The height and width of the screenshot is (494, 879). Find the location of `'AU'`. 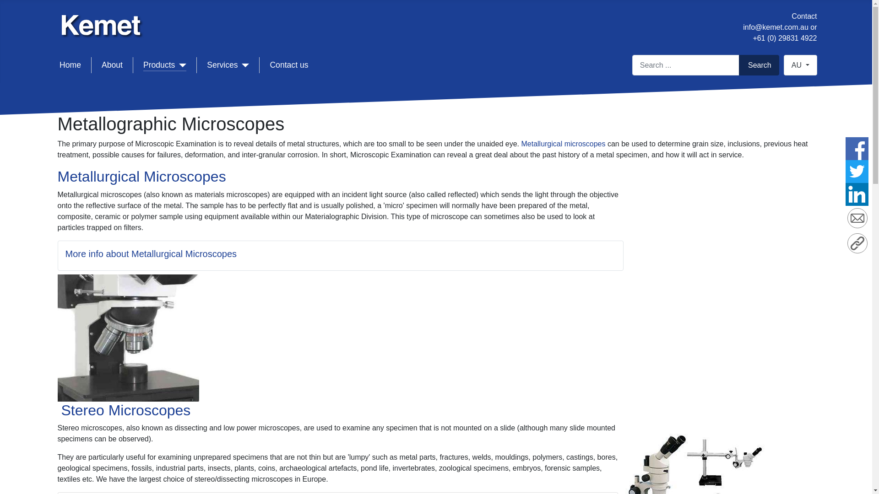

'AU' is located at coordinates (783, 64).